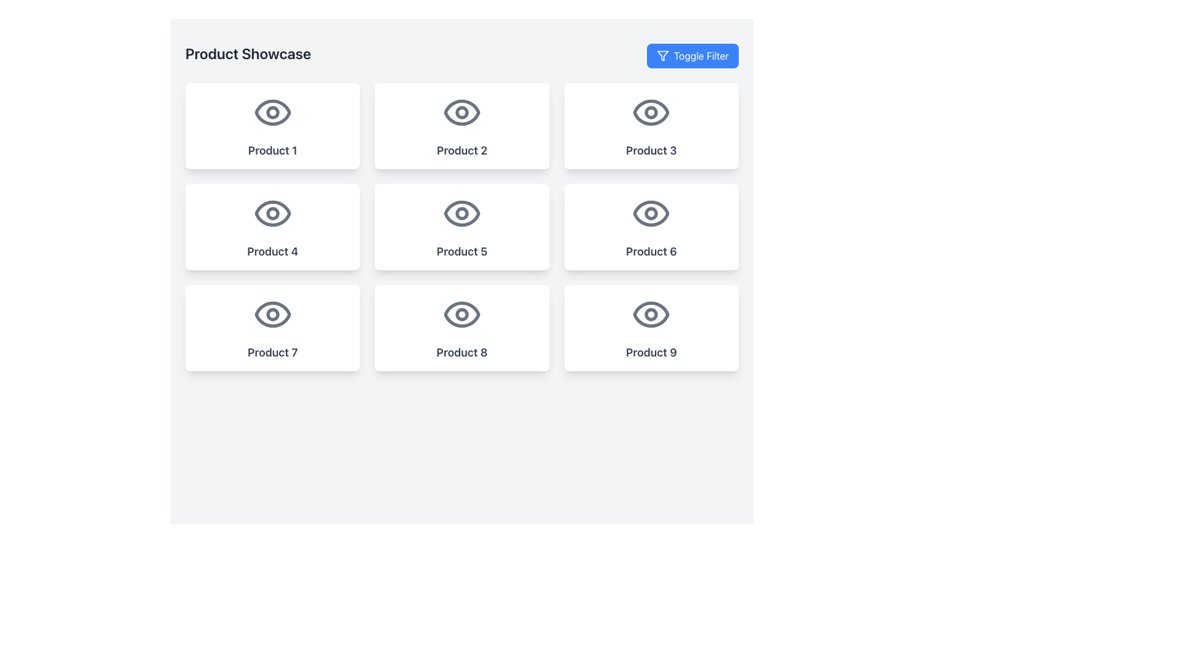 Image resolution: width=1183 pixels, height=665 pixels. Describe the element at coordinates (461, 213) in the screenshot. I see `the eye icon located in the middle grid item of the second row, directly above the text 'Product 5'` at that location.